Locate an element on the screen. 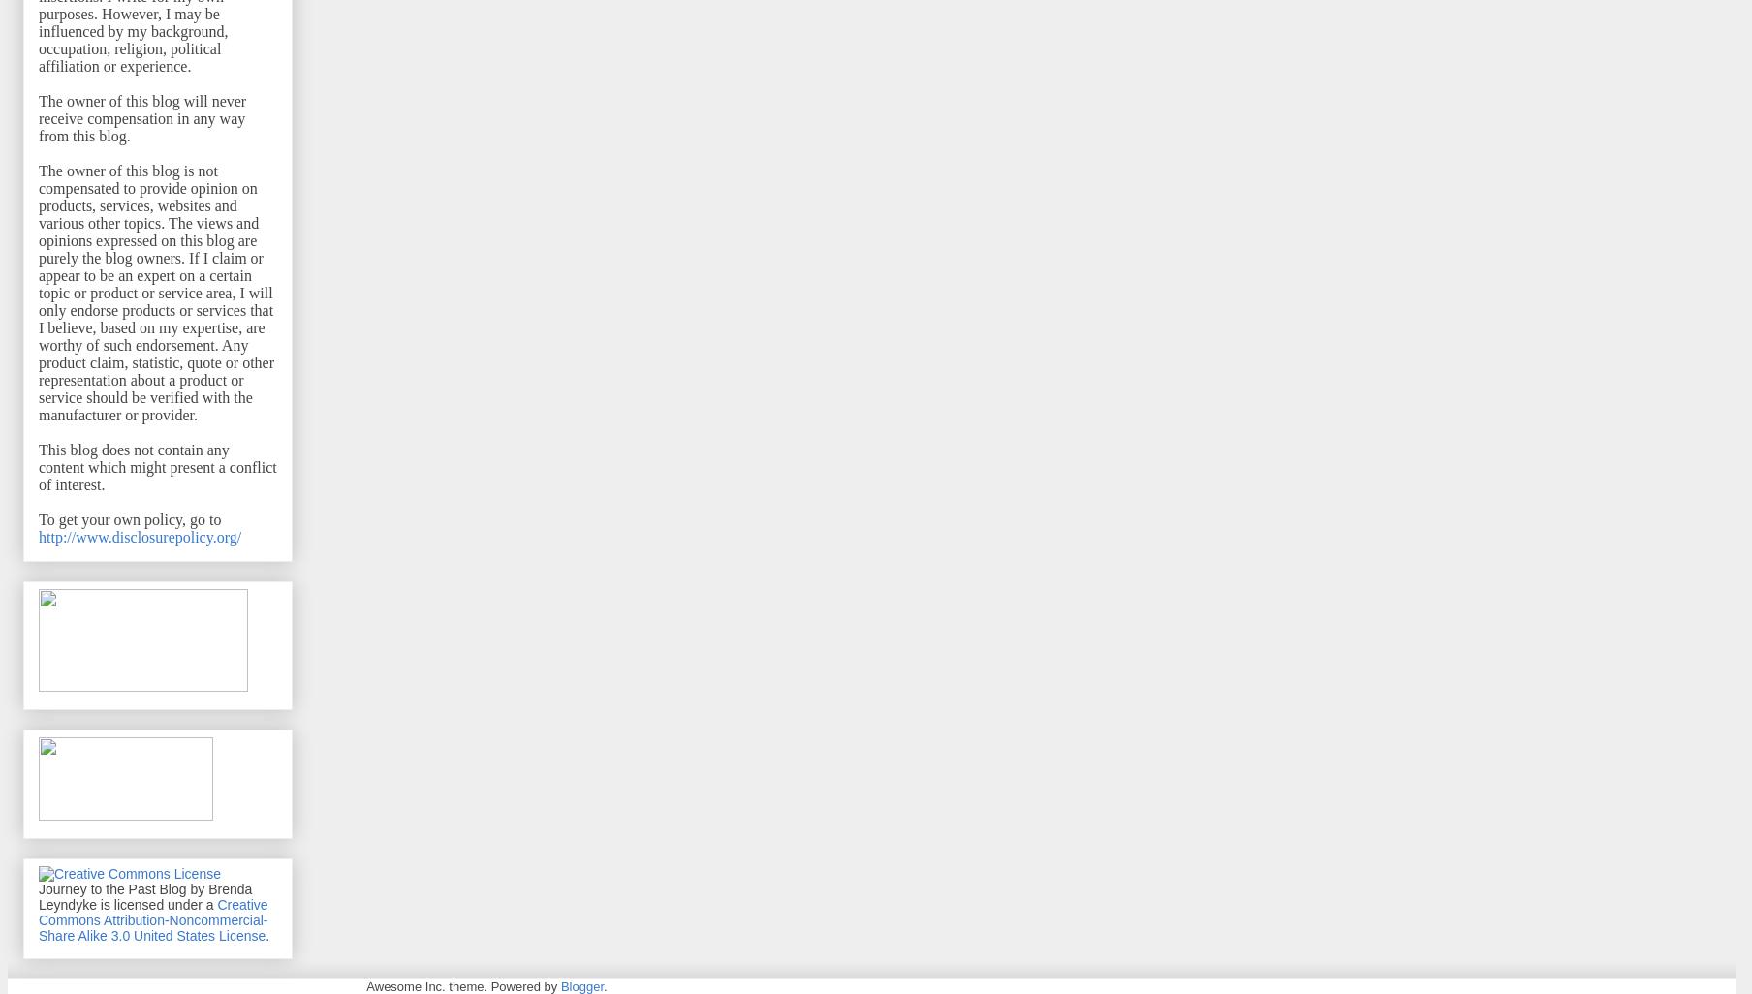 The height and width of the screenshot is (994, 1752). 'The owner of this blog will never receive compensation in any way from this blog.' is located at coordinates (38, 117).